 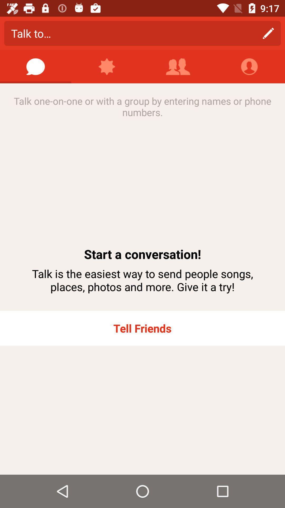 I want to click on the app below talk is the, so click(x=142, y=328).